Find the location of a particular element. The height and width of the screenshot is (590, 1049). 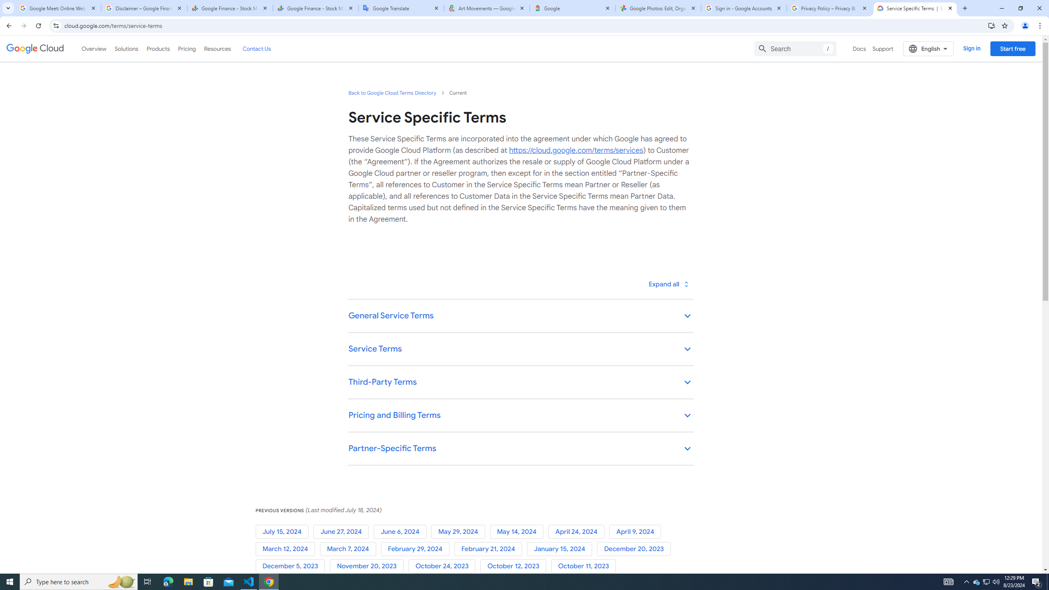

'Pricing' is located at coordinates (187, 48).